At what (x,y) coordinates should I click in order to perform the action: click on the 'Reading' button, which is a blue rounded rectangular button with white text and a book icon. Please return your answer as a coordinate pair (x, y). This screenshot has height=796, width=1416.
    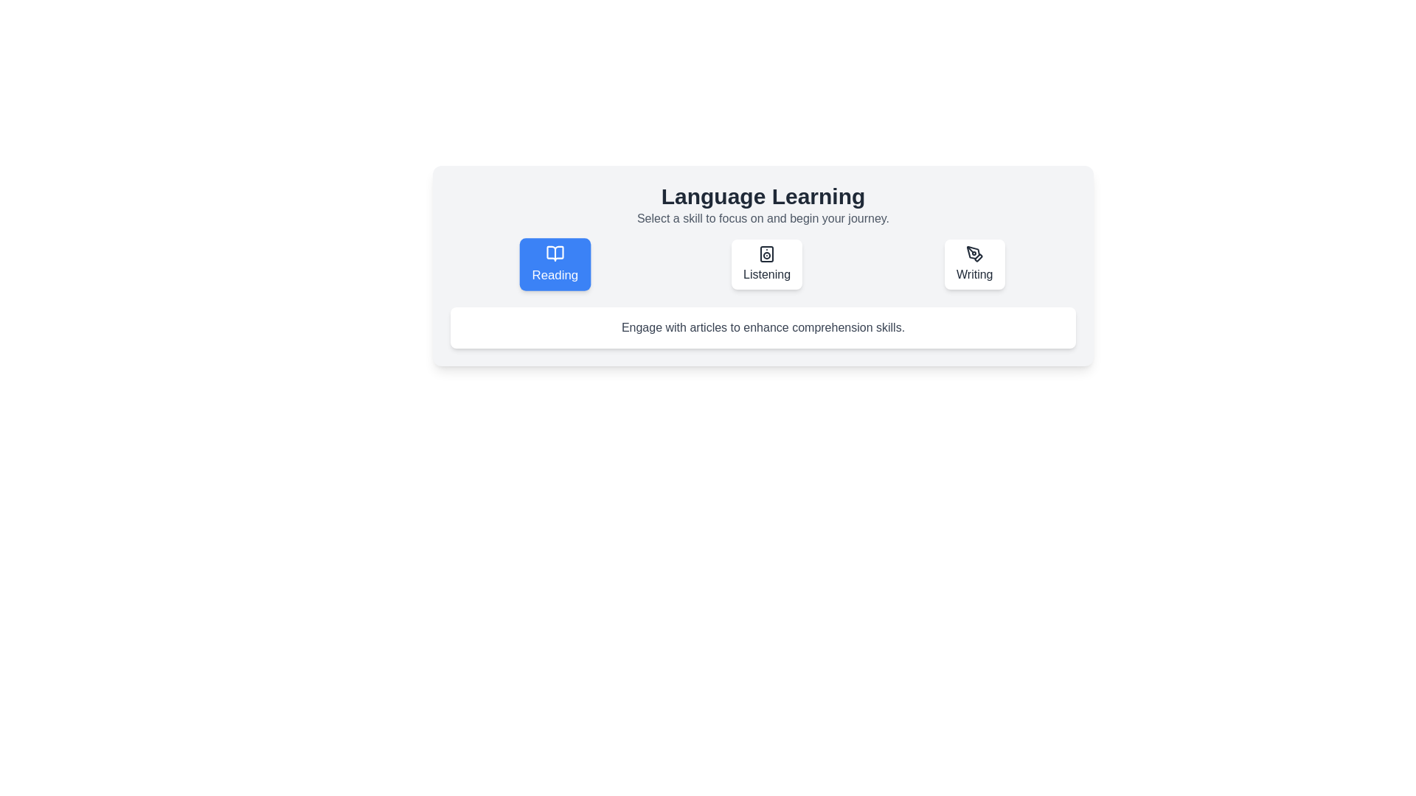
    Looking at the image, I should click on (555, 263).